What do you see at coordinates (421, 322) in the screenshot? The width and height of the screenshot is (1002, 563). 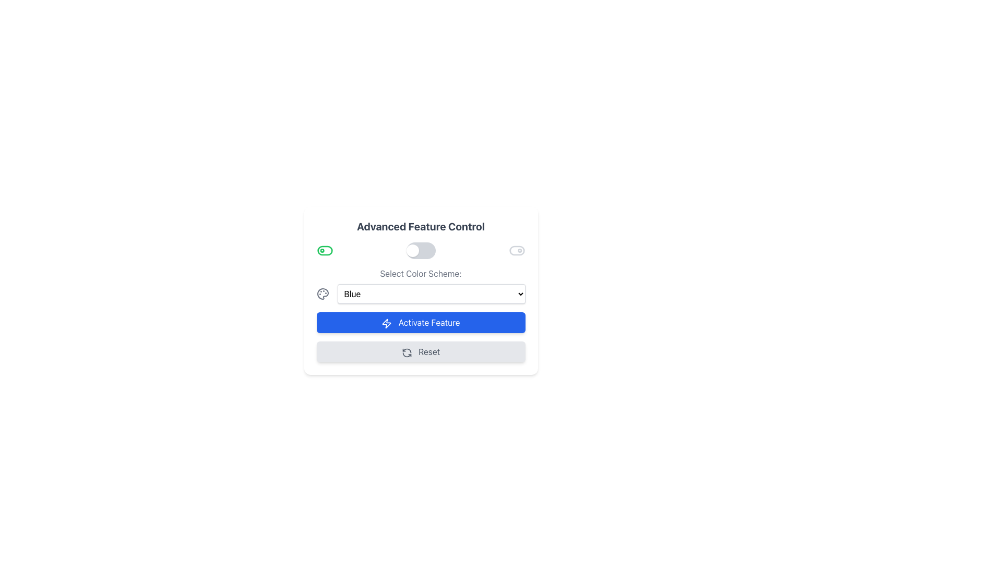 I see `the button labeled 'Activate Feature' with a blue background and a lightning bolt icon` at bounding box center [421, 322].